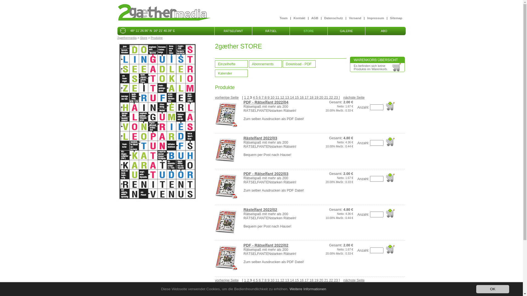  I want to click on 'Versand', so click(355, 18).